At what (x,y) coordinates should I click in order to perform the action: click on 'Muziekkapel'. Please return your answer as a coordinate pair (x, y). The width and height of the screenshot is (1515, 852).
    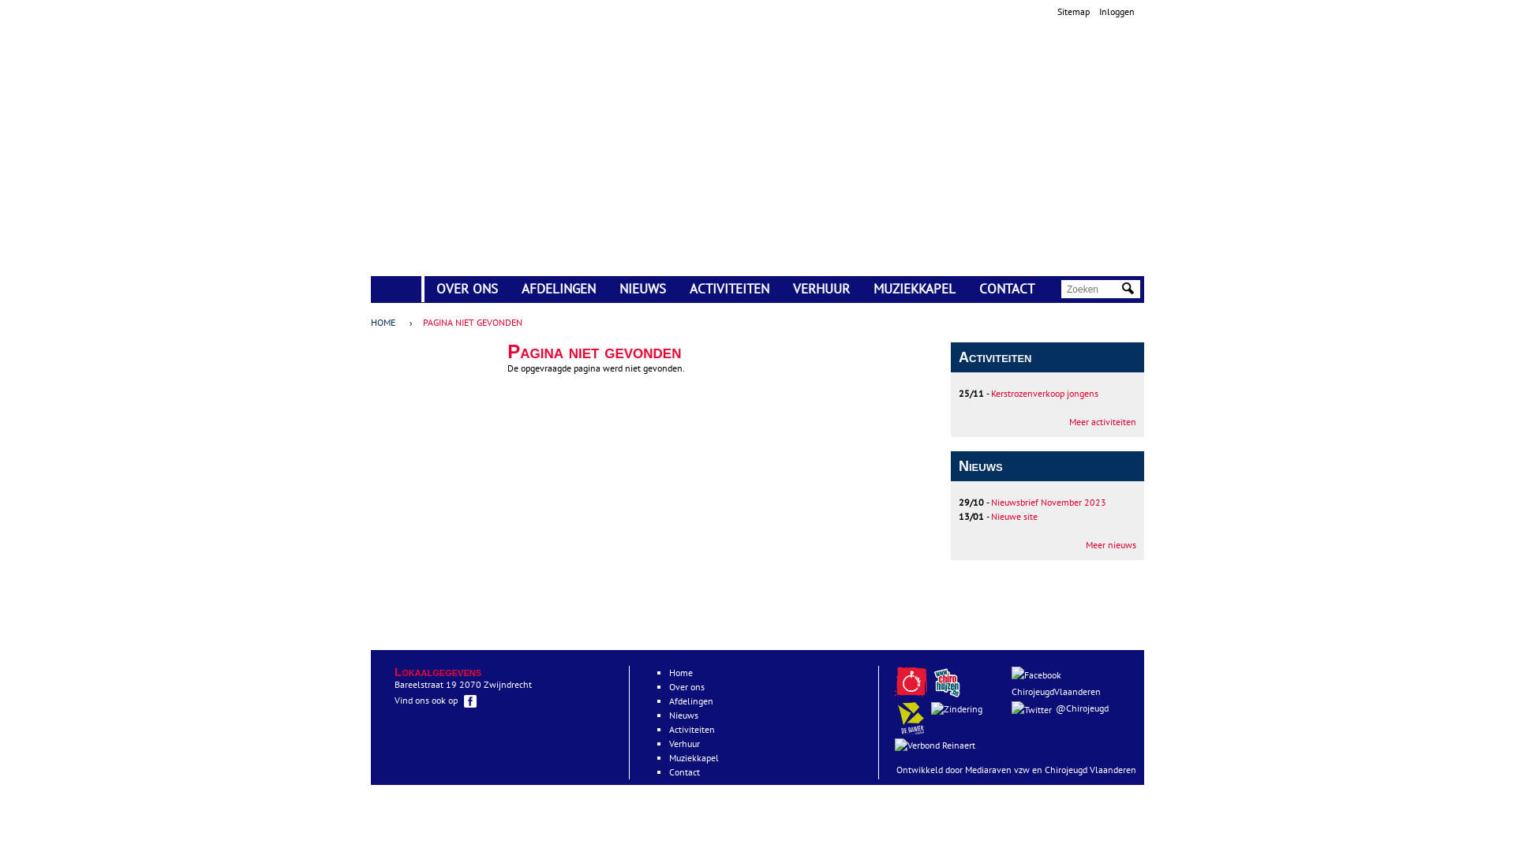
    Looking at the image, I should click on (694, 757).